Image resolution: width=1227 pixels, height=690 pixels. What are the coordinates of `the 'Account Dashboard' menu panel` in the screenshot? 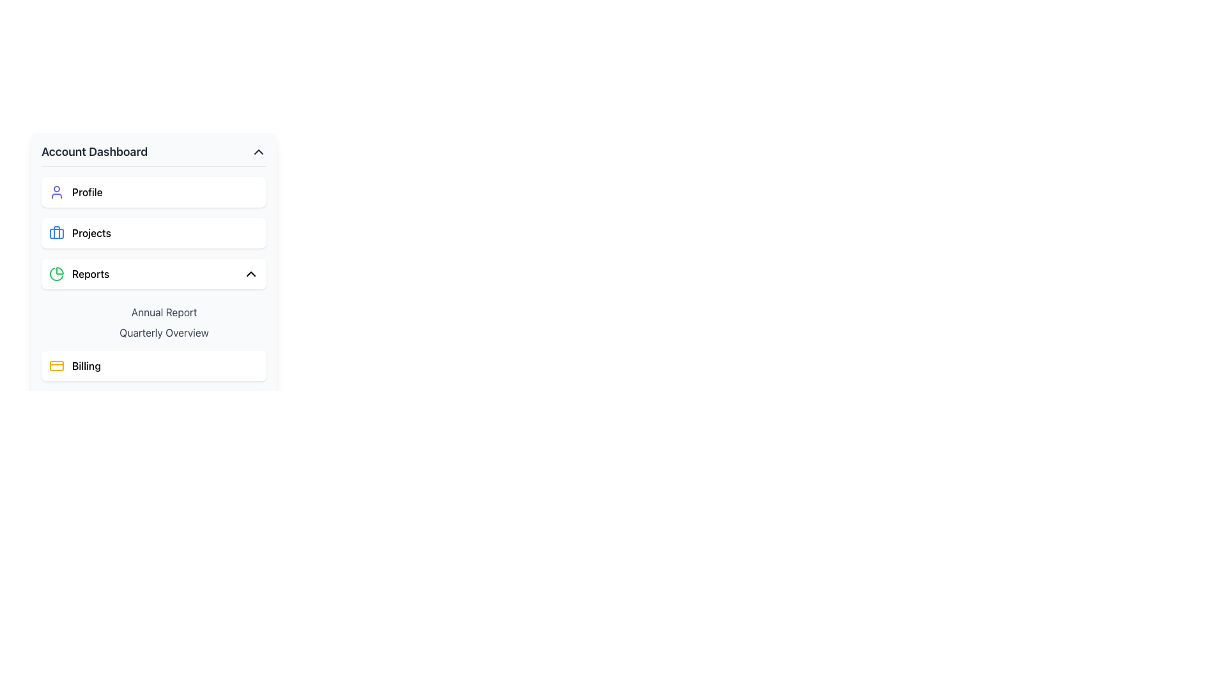 It's located at (153, 303).